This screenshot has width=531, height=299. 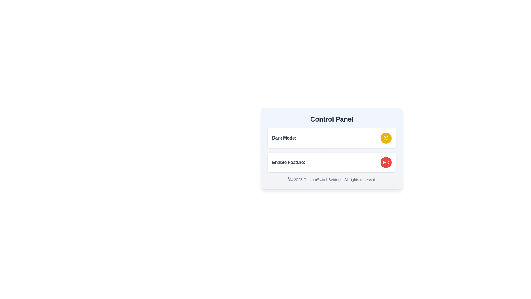 What do you see at coordinates (386, 138) in the screenshot?
I see `the button to toggle the dark mode feature` at bounding box center [386, 138].